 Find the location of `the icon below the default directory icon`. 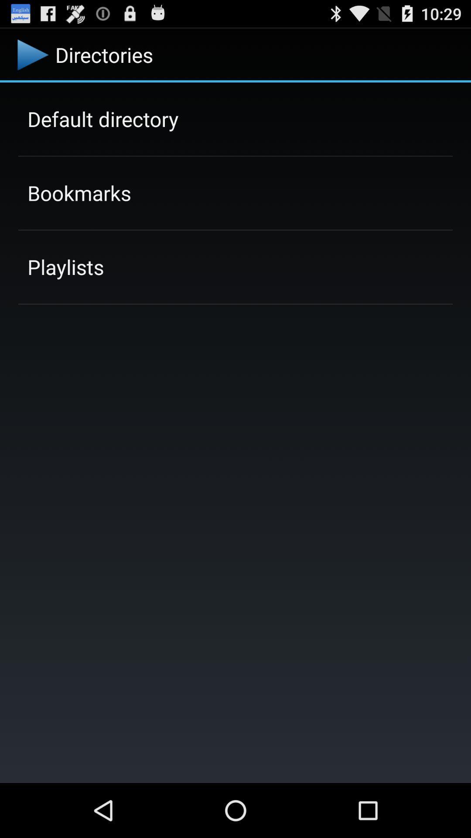

the icon below the default directory icon is located at coordinates (79, 192).